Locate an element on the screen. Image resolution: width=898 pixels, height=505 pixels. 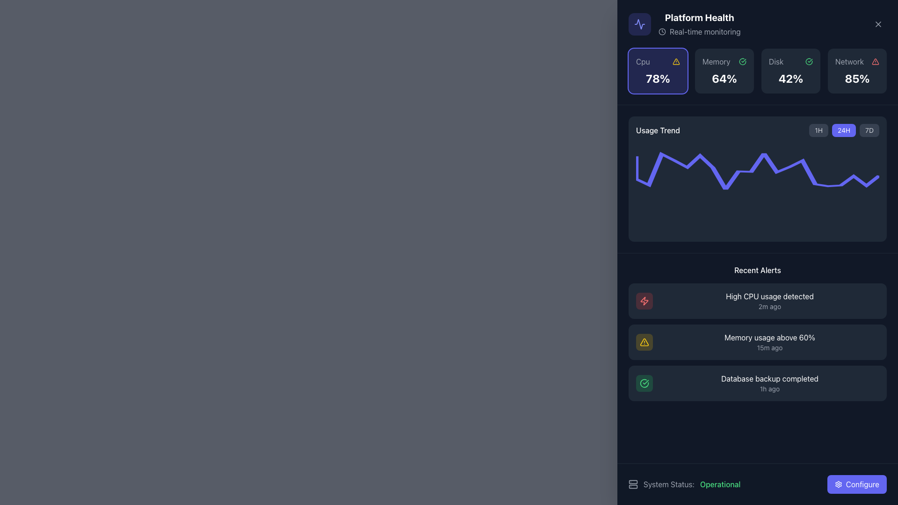
the alert icon next to the 'CPU 78%' label in the 'Platform Health' section, which indicates a critical status related to CPU usage is located at coordinates (875, 61).